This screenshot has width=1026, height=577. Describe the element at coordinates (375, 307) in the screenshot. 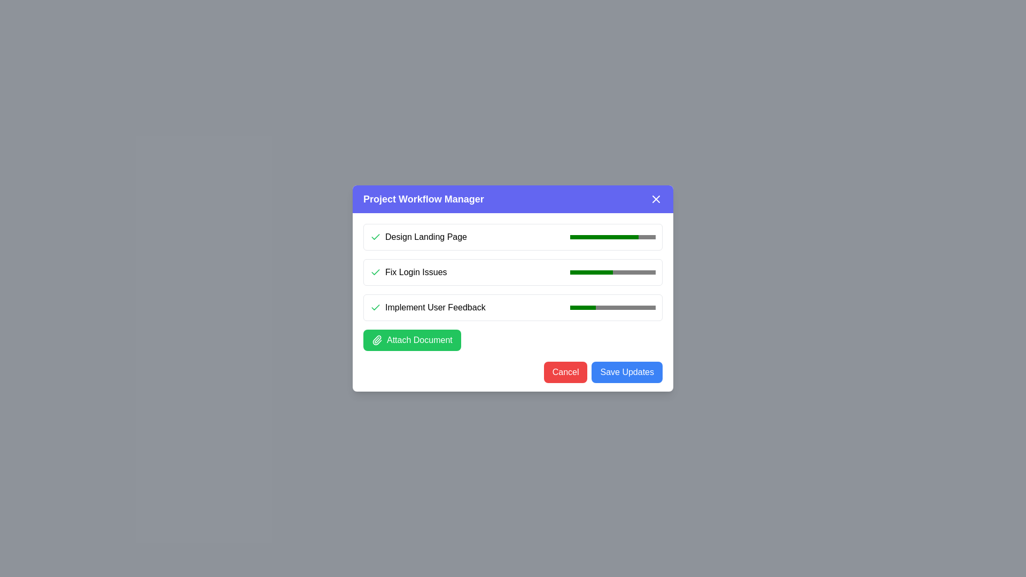

I see `the green checkmark icon indicating a completed state, which is located to the left of the text 'Implement User Feedback' in the third checklist item` at that location.